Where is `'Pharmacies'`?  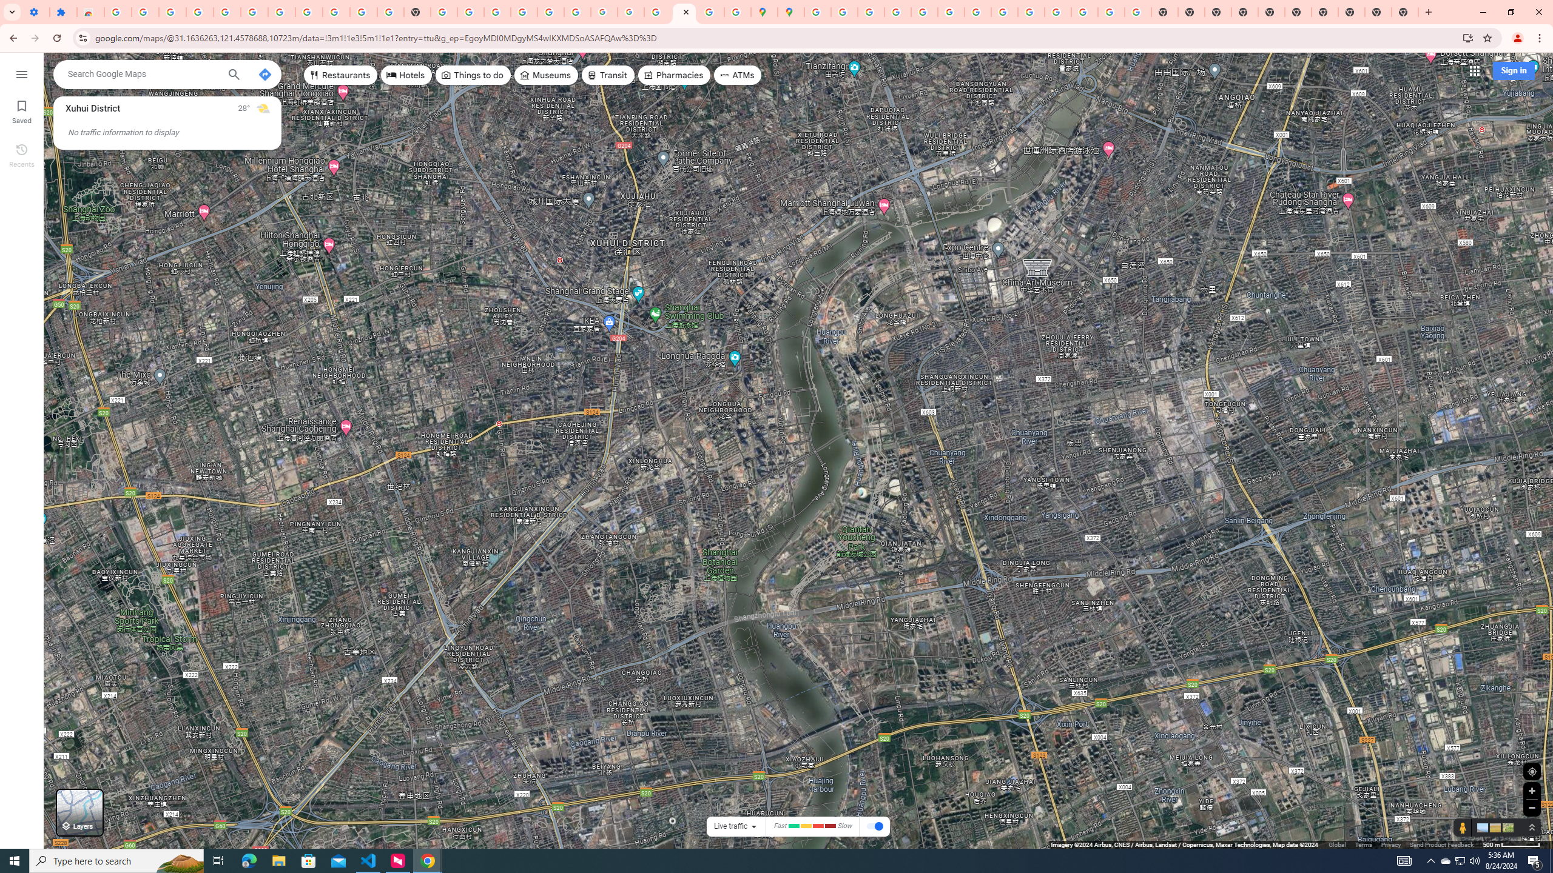
'Pharmacies' is located at coordinates (675, 74).